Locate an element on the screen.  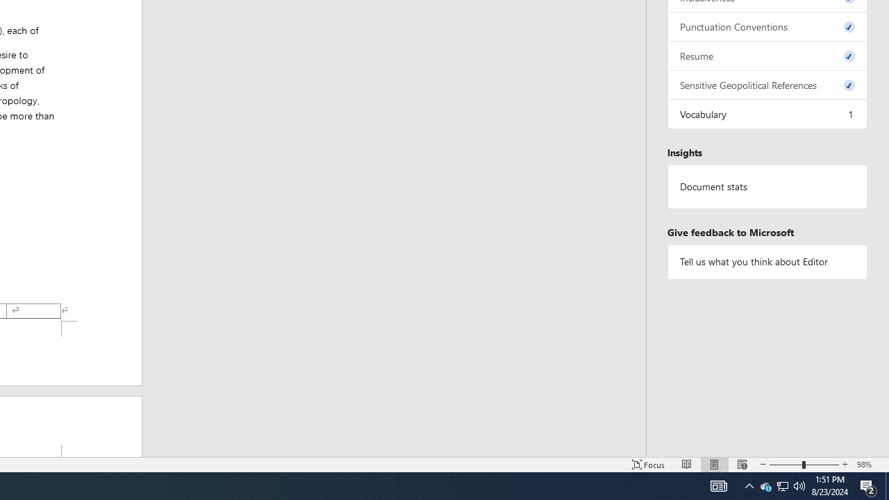
'Vocabulary, 1 issue. Press space or enter to review items.' is located at coordinates (767, 113).